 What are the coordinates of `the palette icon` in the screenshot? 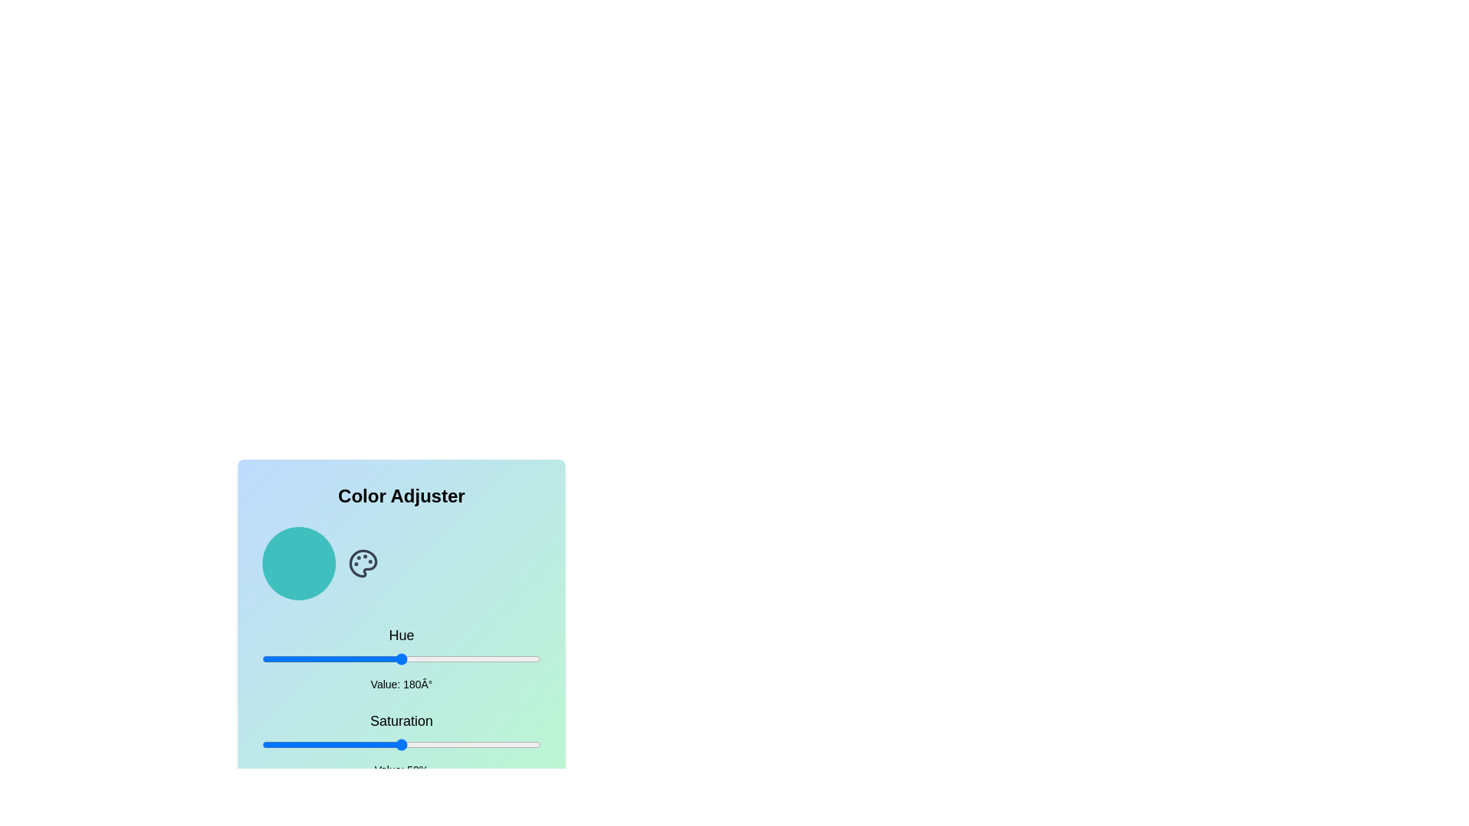 It's located at (363, 563).